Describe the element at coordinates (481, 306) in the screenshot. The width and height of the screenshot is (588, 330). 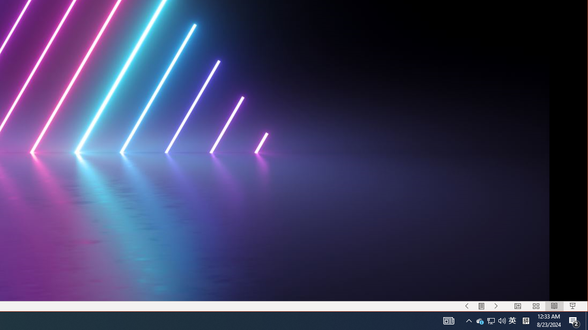
I see `'Menu On'` at that location.